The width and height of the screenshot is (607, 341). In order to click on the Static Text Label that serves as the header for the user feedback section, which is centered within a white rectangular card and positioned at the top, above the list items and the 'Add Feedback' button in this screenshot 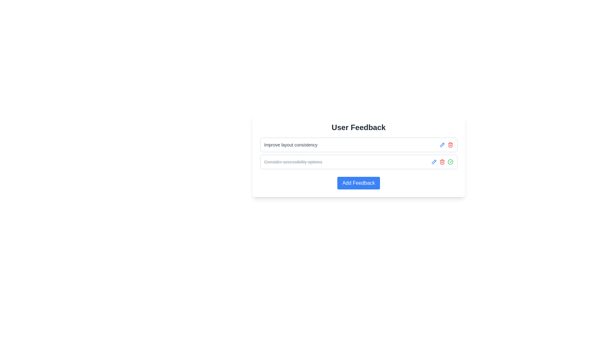, I will do `click(359, 128)`.